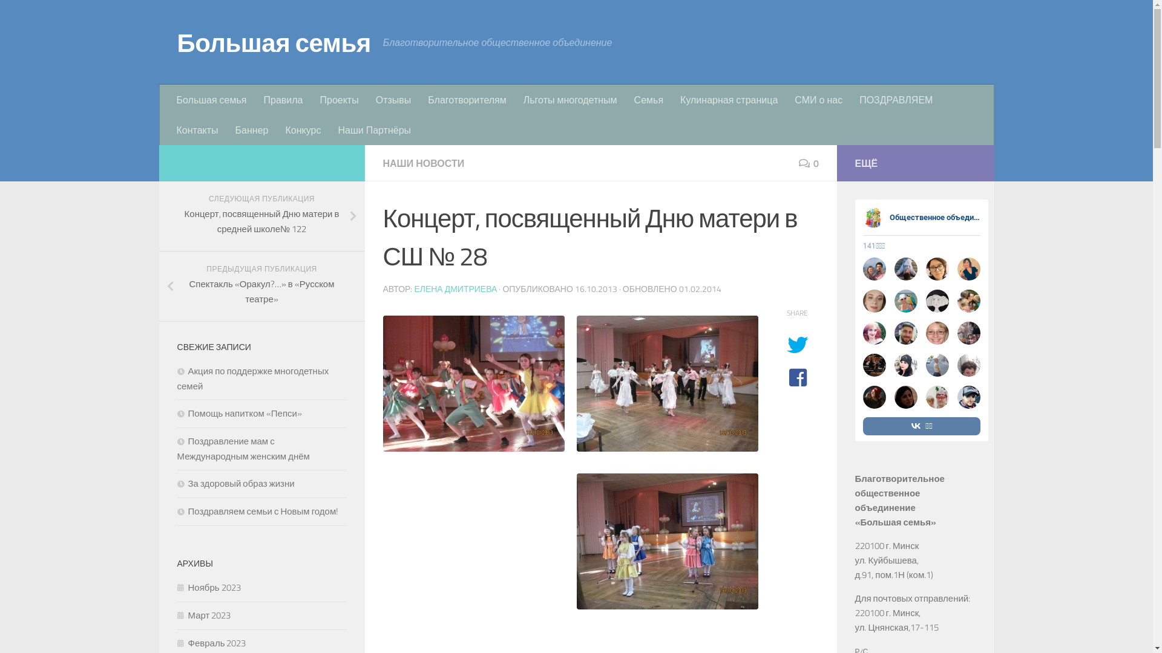  Describe the element at coordinates (799, 163) in the screenshot. I see `'0'` at that location.